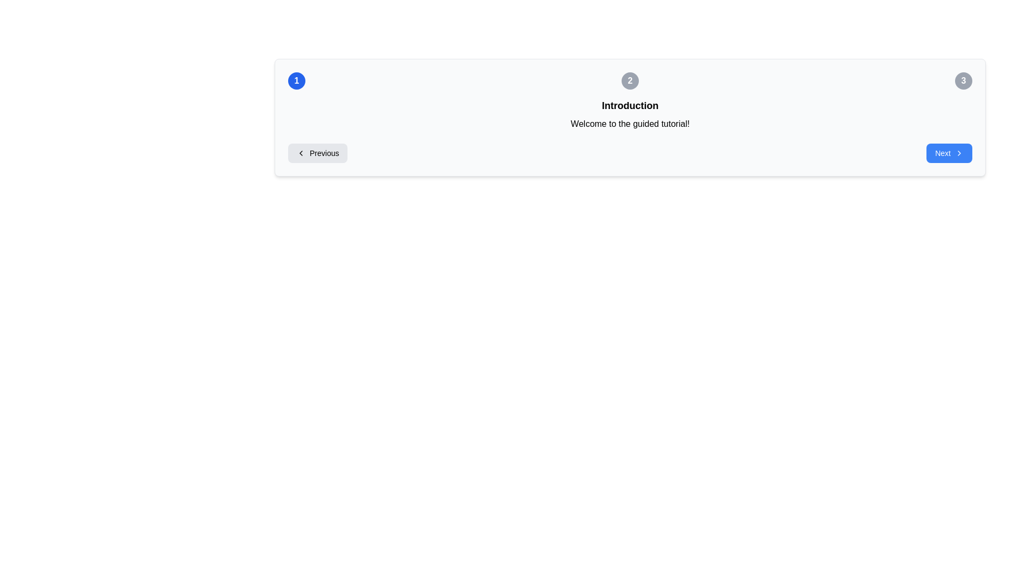 The width and height of the screenshot is (1036, 583). Describe the element at coordinates (949, 153) in the screenshot. I see `the 'Next' button, which is a rectangular button with a blue background, rounded corners, and white text, located at the bottom-right corner of the layout` at that location.